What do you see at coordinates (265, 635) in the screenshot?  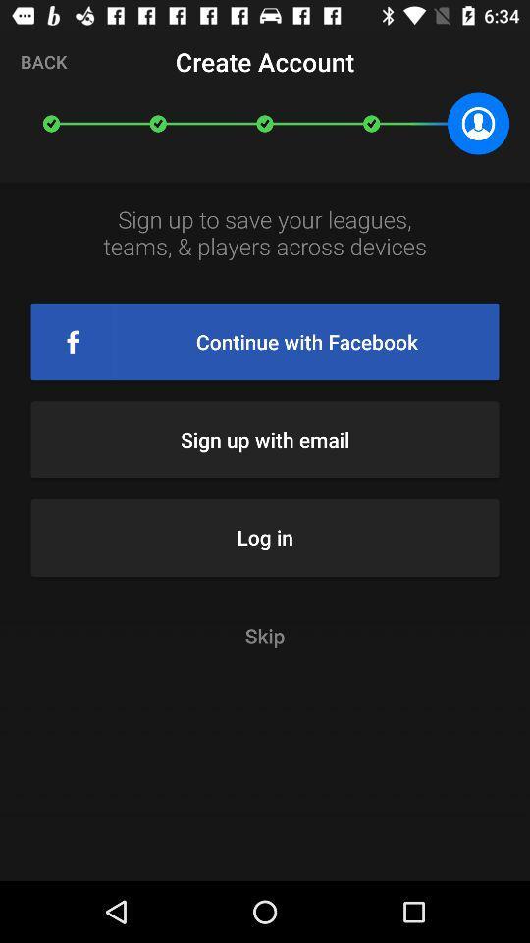 I see `the skip icon` at bounding box center [265, 635].